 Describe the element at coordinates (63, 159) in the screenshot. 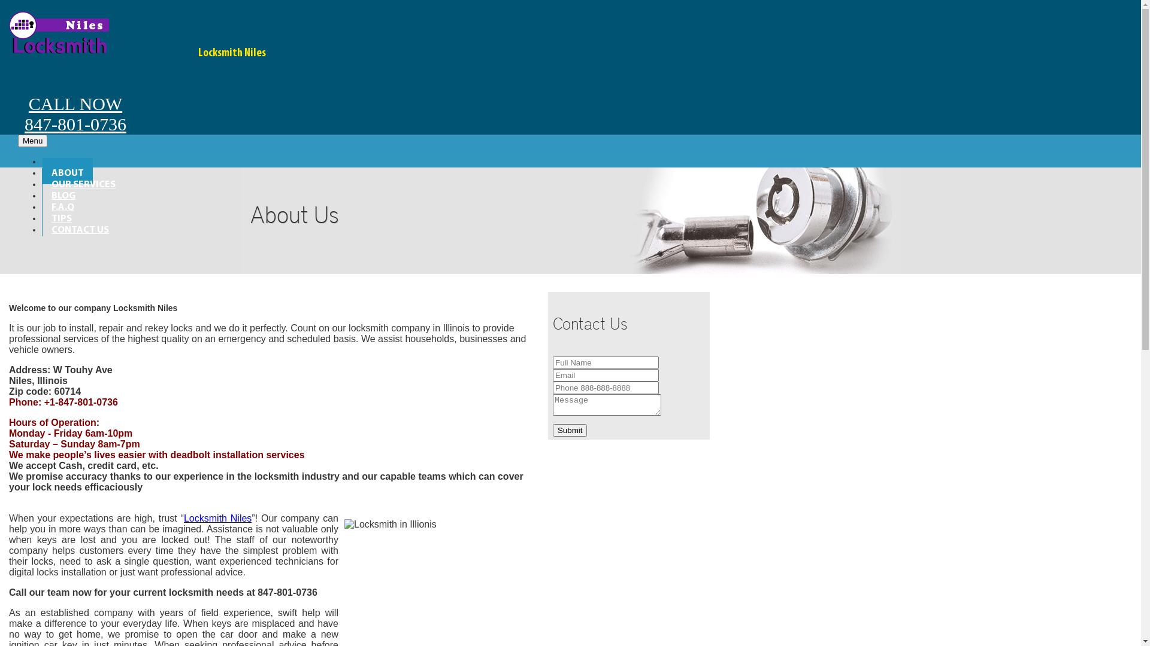

I see `'HOME'` at that location.